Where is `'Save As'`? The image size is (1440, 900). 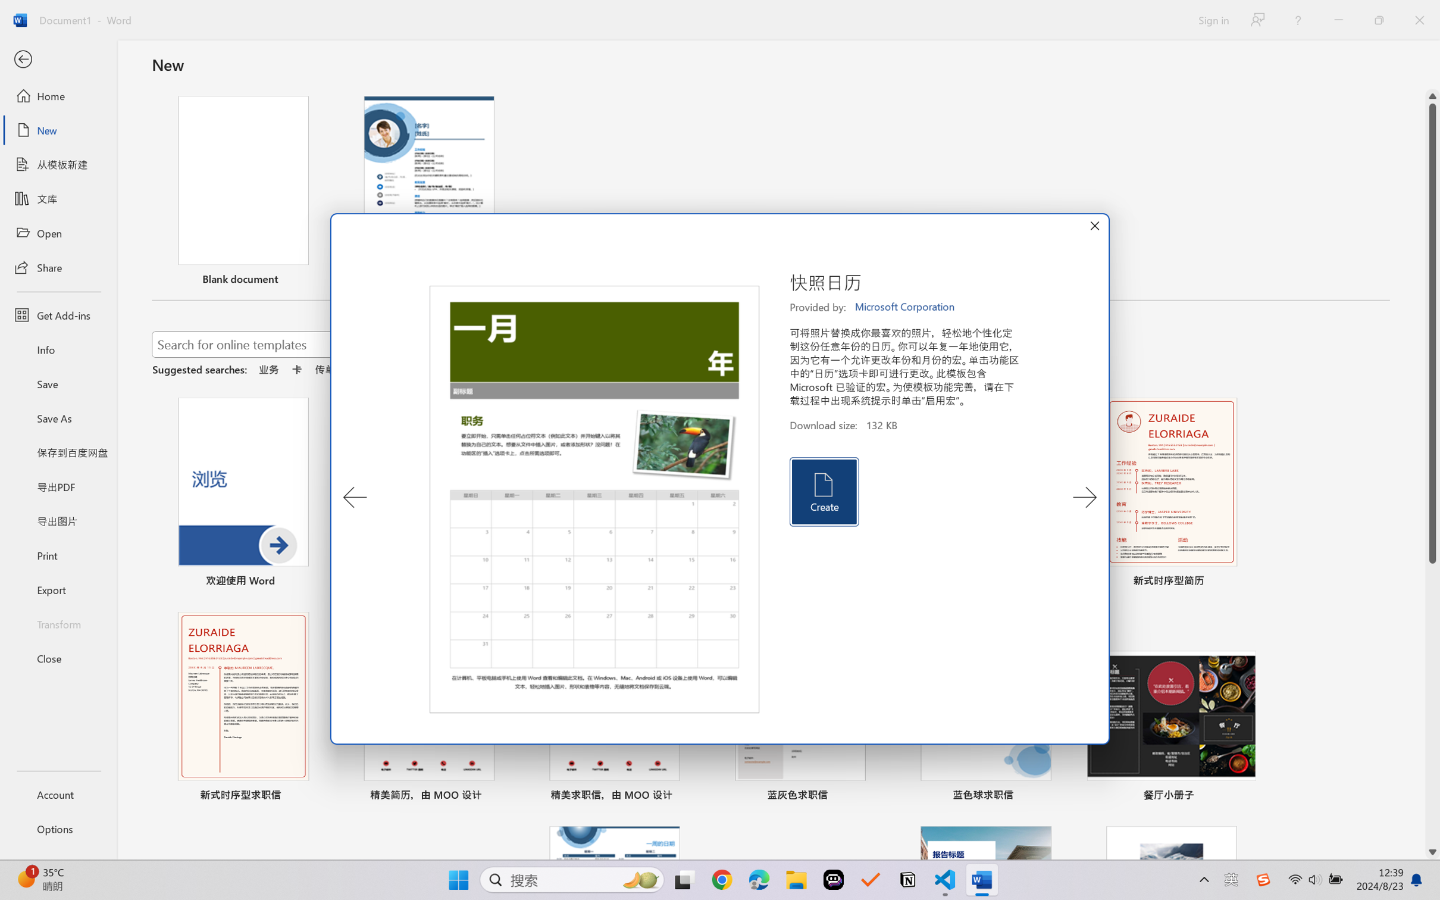
'Save As' is located at coordinates (58, 418).